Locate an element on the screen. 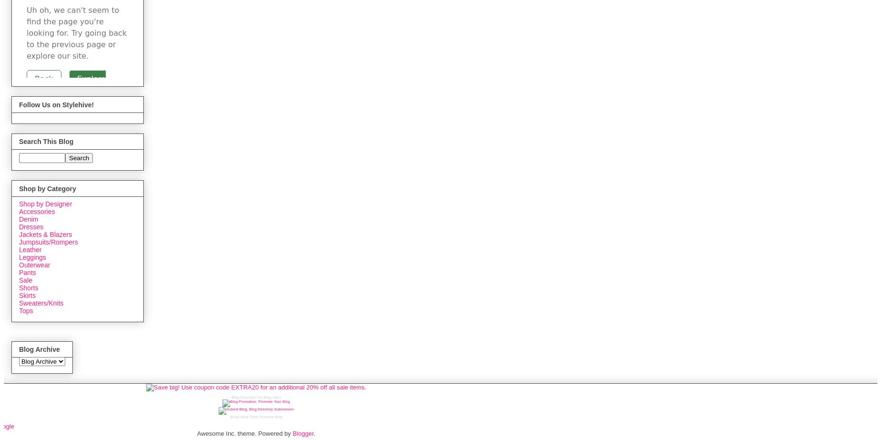 The width and height of the screenshot is (885, 440). 'Blog Archive' is located at coordinates (39, 348).